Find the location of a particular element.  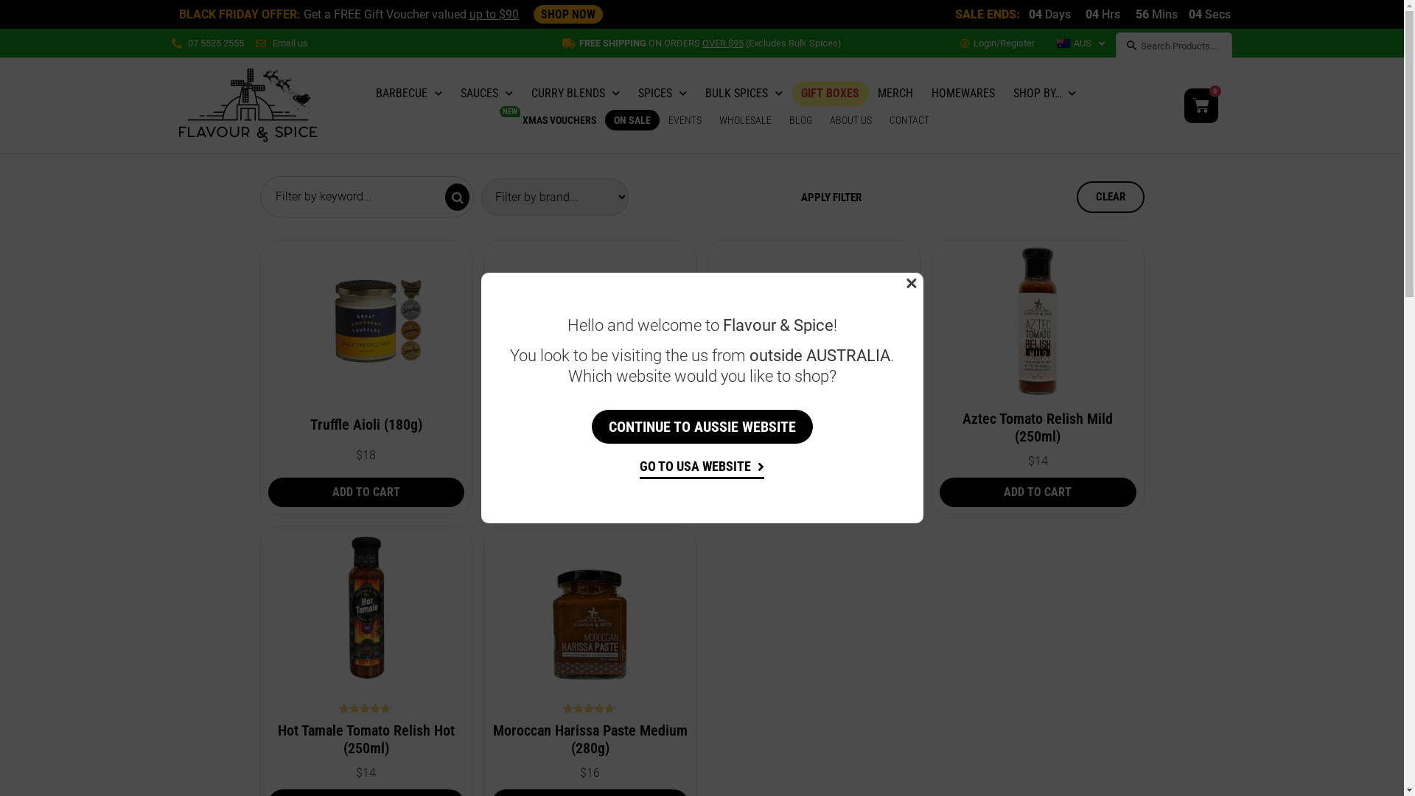

'EVENTS' is located at coordinates (684, 119).